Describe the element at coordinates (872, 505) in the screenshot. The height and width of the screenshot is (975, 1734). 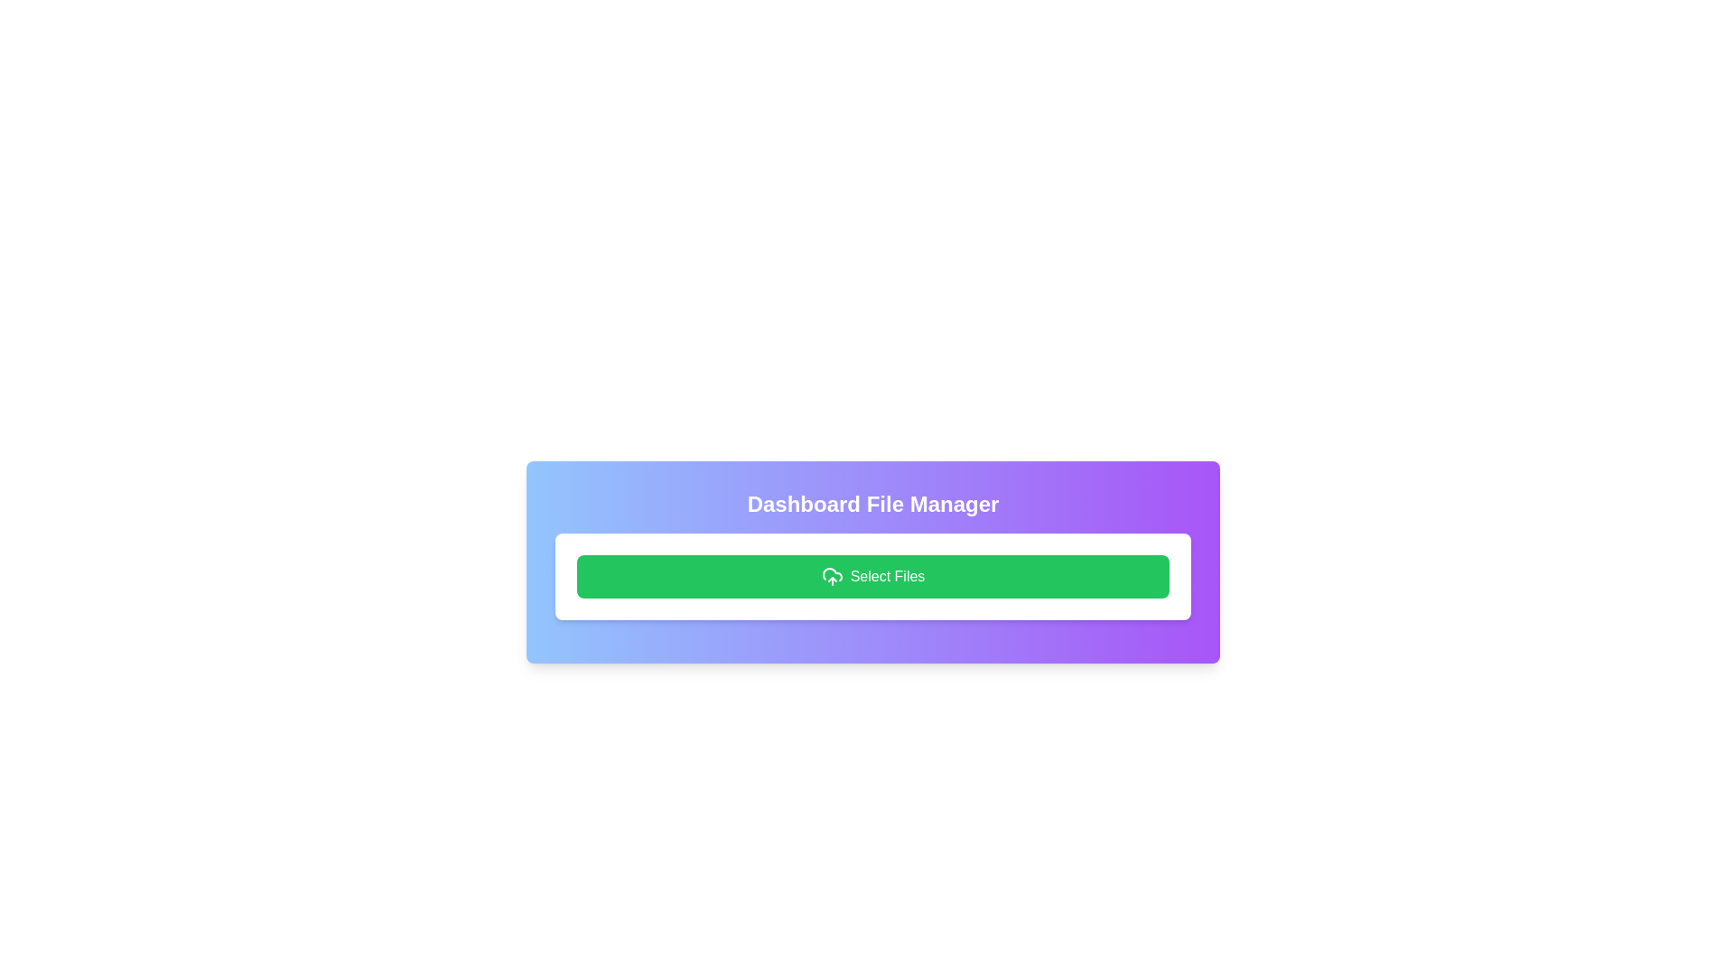
I see `the 'Dashboard File Manager' header text, which is a bold, white label centered on a gradient background transitioning from blue to purple` at that location.